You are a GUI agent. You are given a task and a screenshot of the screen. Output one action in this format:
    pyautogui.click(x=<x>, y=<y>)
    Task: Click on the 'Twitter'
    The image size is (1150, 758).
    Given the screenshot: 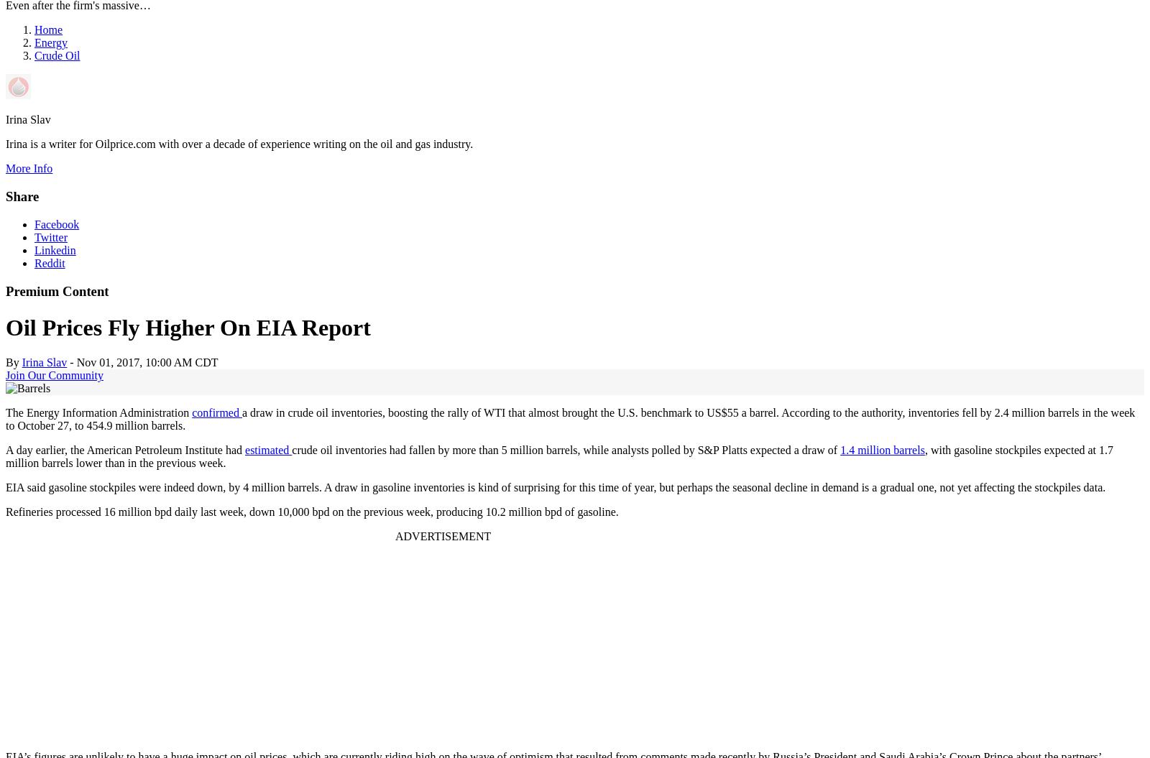 What is the action you would take?
    pyautogui.click(x=50, y=236)
    